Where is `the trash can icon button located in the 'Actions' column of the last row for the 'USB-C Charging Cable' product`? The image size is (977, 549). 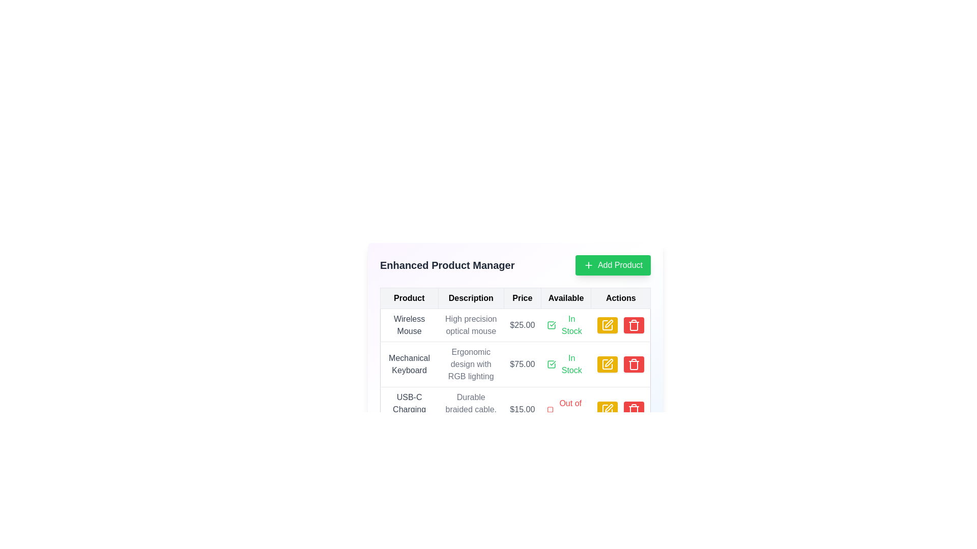
the trash can icon button located in the 'Actions' column of the last row for the 'USB-C Charging Cable' product is located at coordinates (633, 325).